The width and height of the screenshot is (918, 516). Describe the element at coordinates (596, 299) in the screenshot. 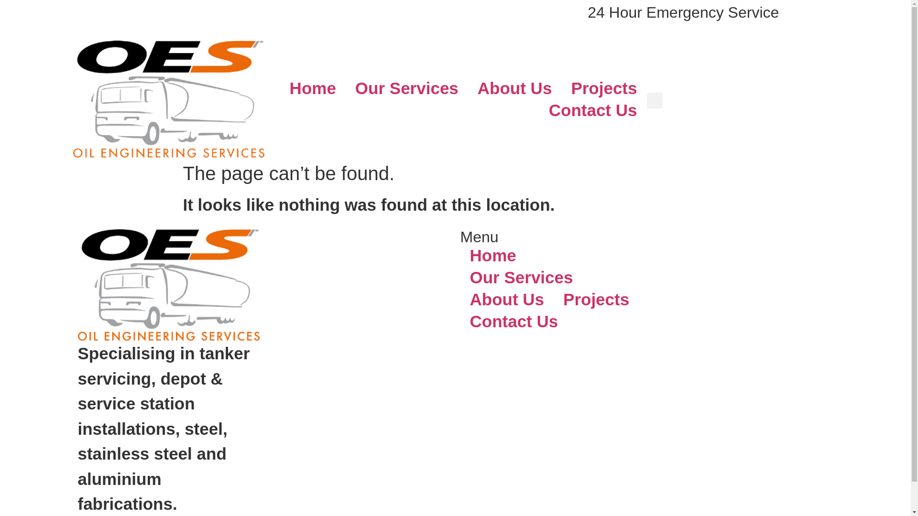

I see `'Projects'` at that location.